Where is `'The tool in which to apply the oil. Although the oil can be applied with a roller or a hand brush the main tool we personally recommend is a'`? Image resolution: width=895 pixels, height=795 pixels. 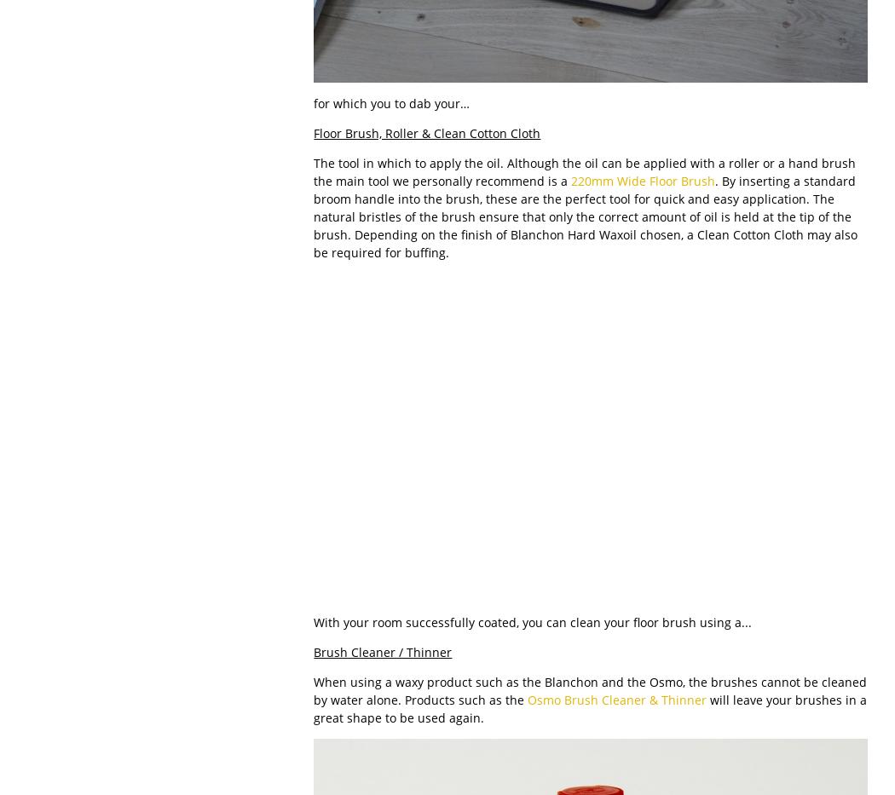 'The tool in which to apply the oil. Although the oil can be applied with a roller or a hand brush the main tool we personally recommend is a' is located at coordinates (584, 171).